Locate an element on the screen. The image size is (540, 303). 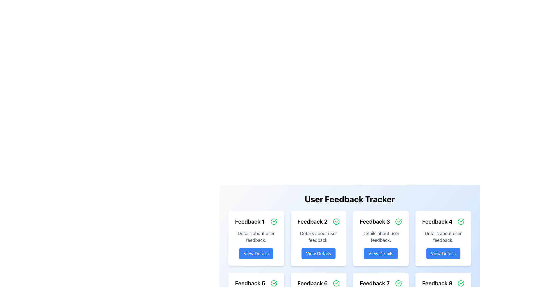
text displayed in the text component labeled 'Details about user feedback.' which is styled with gray color and a smaller font size, positioned beneath the header and above the 'View Details' button is located at coordinates (443, 237).